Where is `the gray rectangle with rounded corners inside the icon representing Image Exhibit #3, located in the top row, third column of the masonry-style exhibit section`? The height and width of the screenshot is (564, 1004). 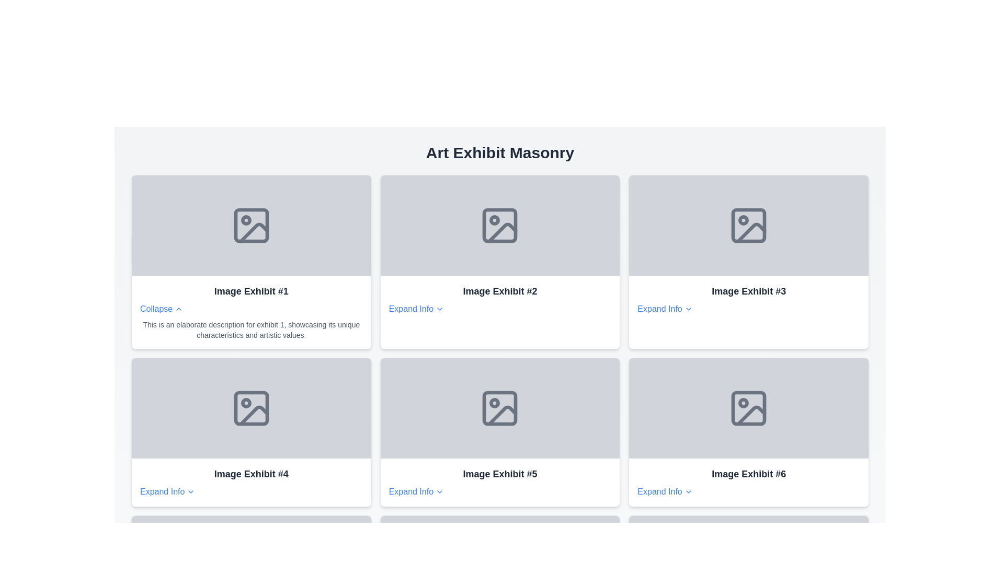
the gray rectangle with rounded corners inside the icon representing Image Exhibit #3, located in the top row, third column of the masonry-style exhibit section is located at coordinates (748, 225).